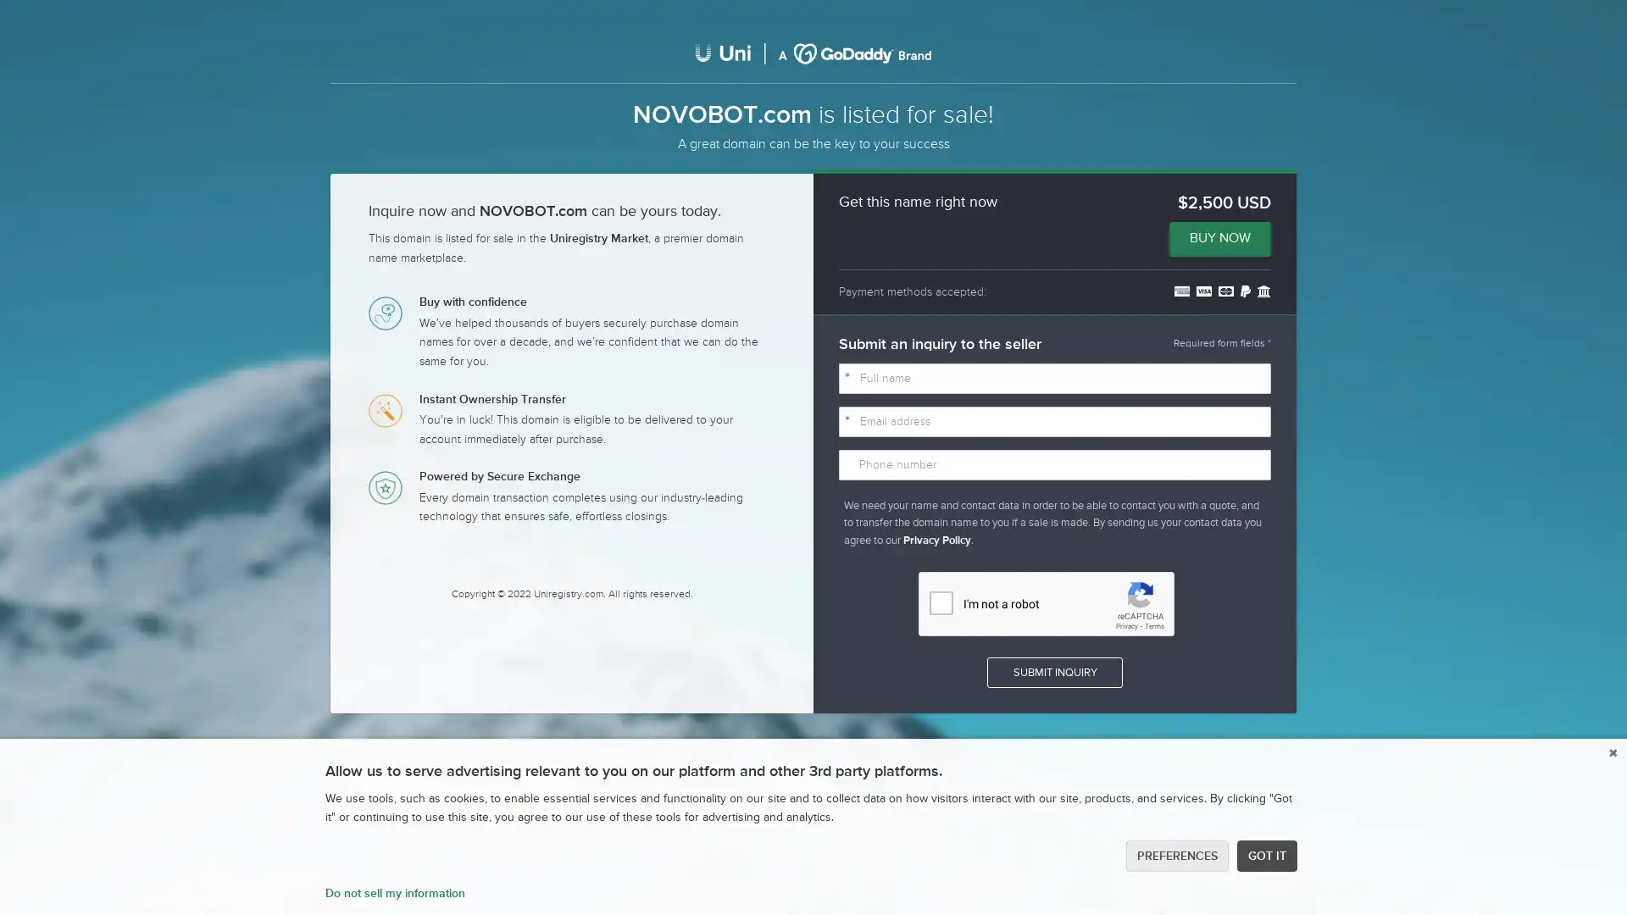 Image resolution: width=1627 pixels, height=915 pixels. Describe the element at coordinates (1053, 671) in the screenshot. I see `SUBMIT INQUIRY` at that location.